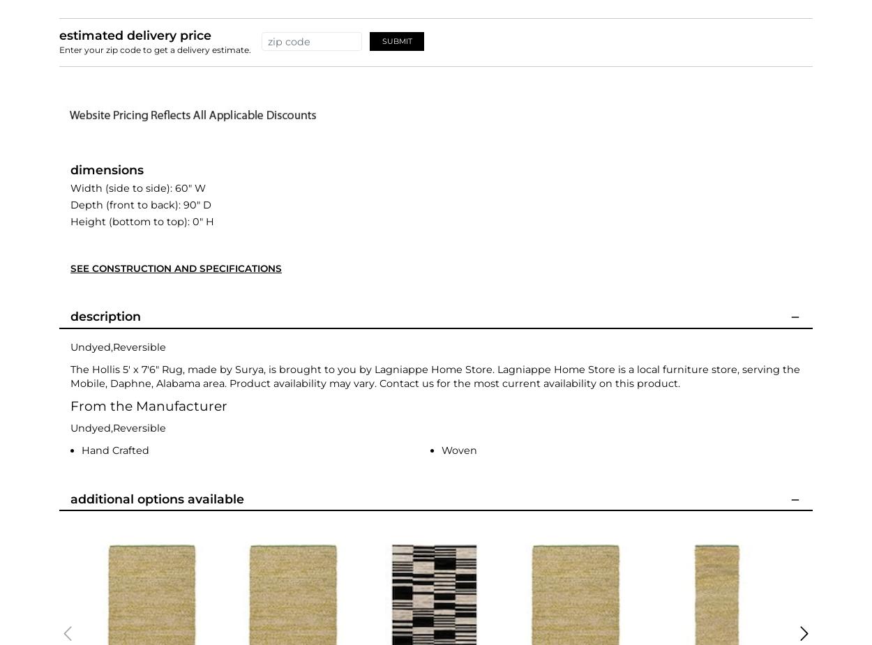 The image size is (872, 645). I want to click on 'Dimensions', so click(107, 168).